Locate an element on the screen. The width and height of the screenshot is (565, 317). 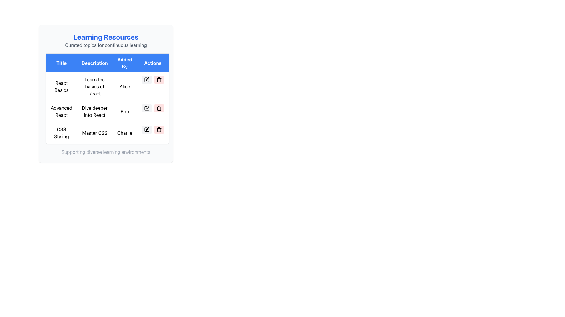
the editing tool icon located in the 'Actions' column of the third row in the 'Learning Resources' table is located at coordinates (147, 129).